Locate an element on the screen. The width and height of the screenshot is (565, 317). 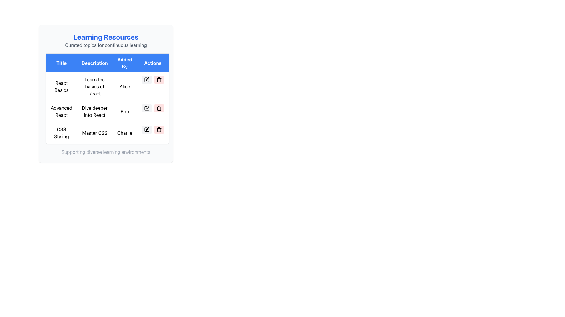
the editing tool icon located in the 'Actions' column of the third row in the 'Learning Resources' table is located at coordinates (147, 129).